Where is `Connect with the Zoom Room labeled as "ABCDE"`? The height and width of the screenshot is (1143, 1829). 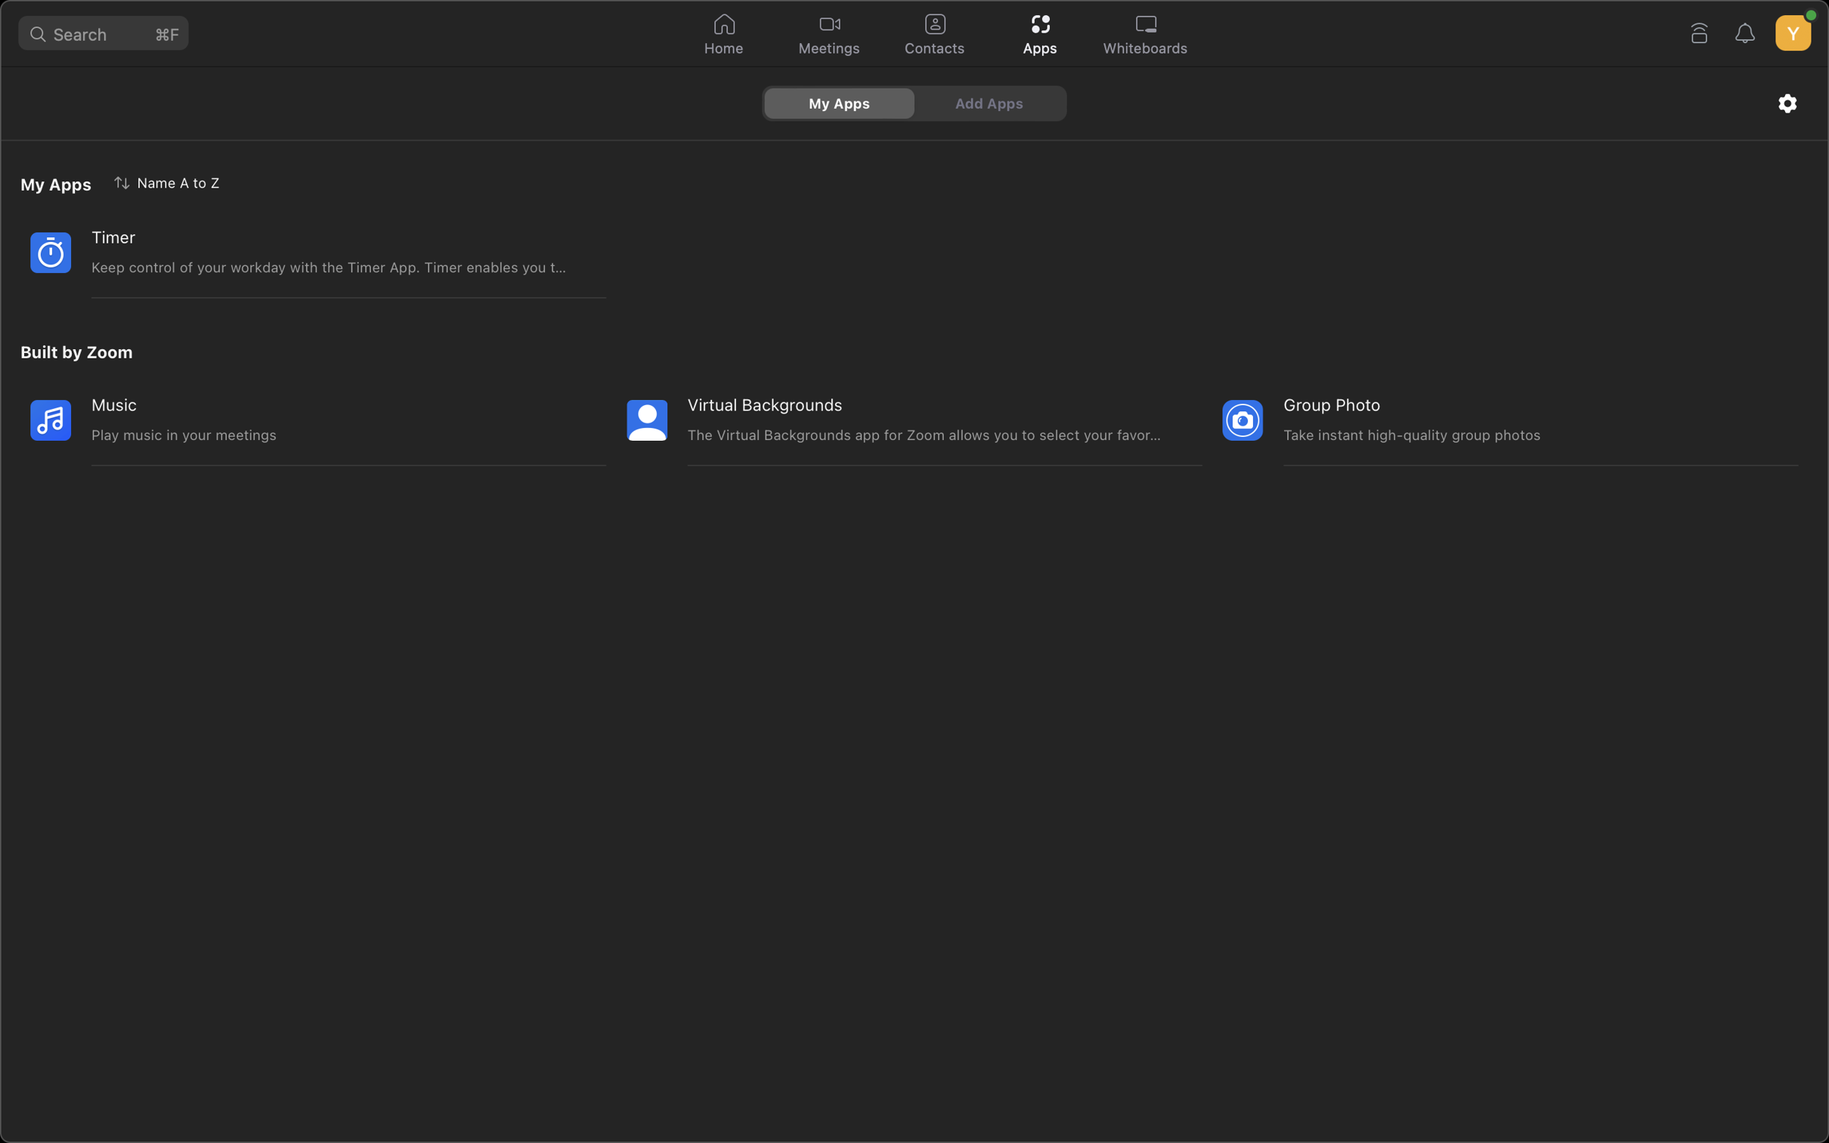
Connect with the Zoom Room labeled as "ABCDE" is located at coordinates (1697, 31).